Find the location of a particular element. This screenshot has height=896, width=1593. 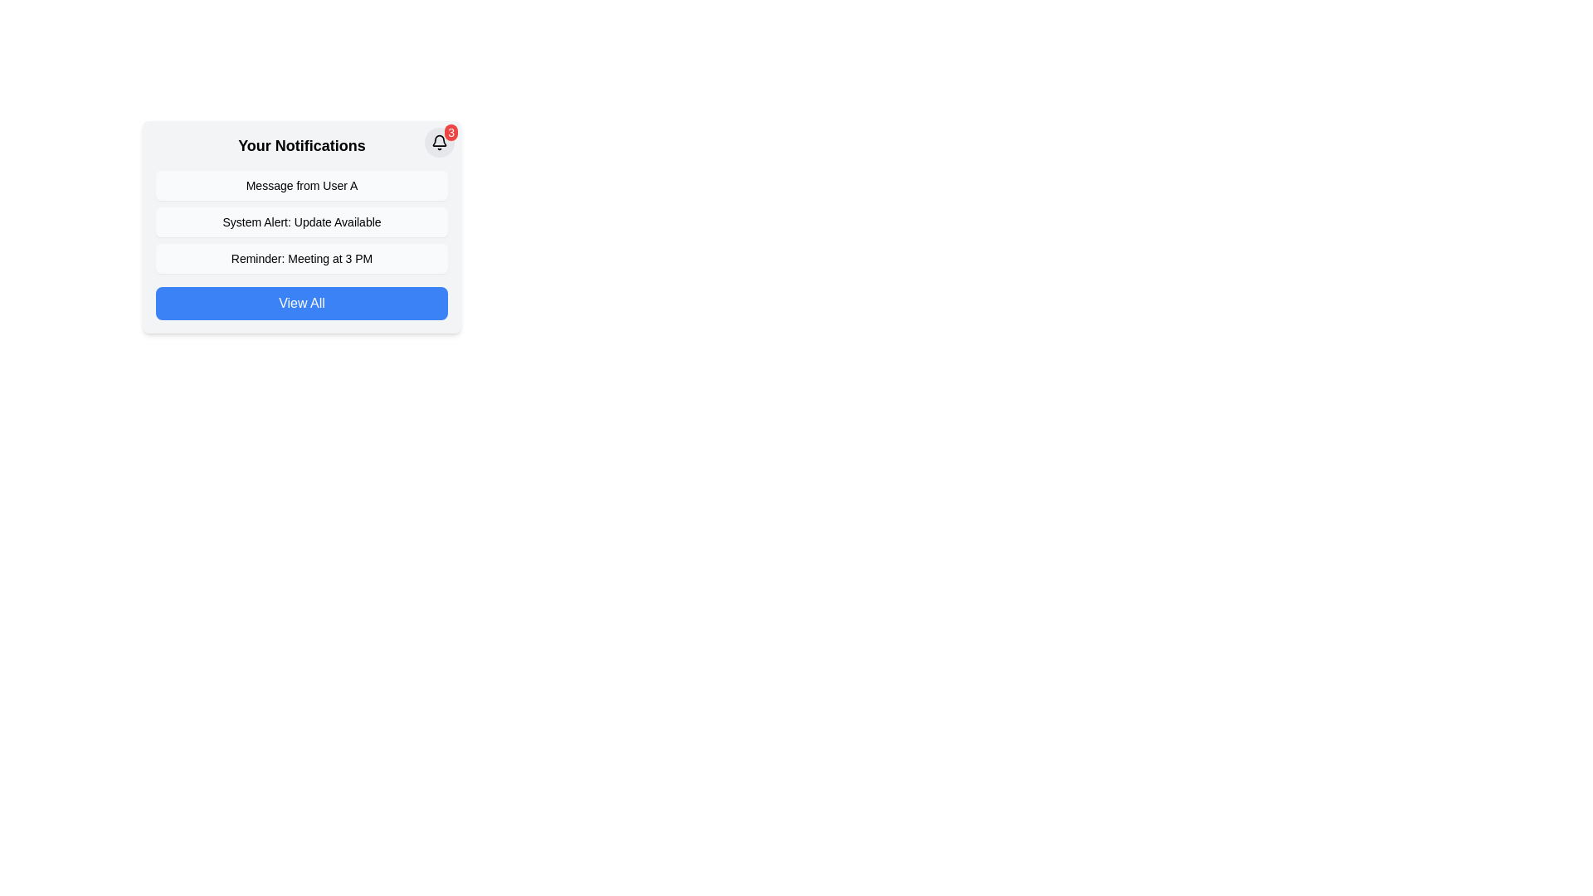

the button at the bottom of the notification area is located at coordinates (302, 304).